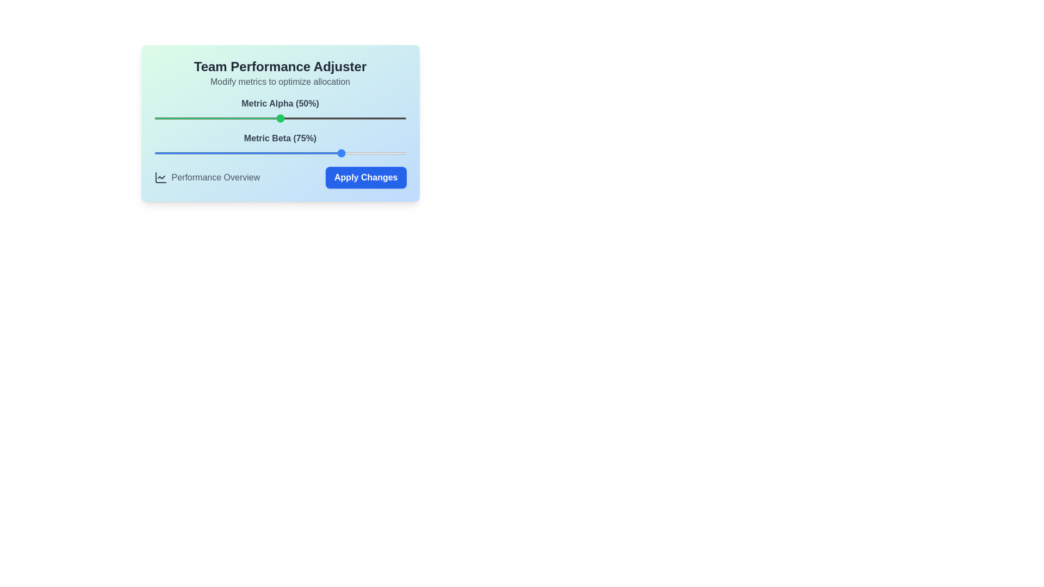 This screenshot has height=587, width=1044. What do you see at coordinates (275, 118) in the screenshot?
I see `the Metric Alpha slider to set its value to 48` at bounding box center [275, 118].